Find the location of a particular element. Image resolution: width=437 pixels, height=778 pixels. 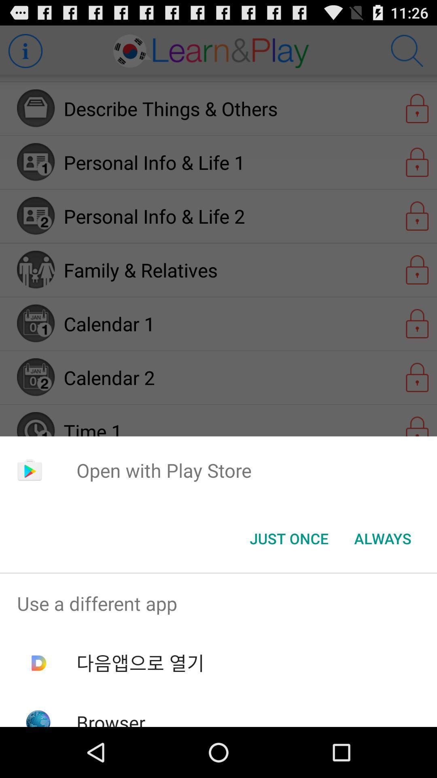

browser icon is located at coordinates (111, 718).